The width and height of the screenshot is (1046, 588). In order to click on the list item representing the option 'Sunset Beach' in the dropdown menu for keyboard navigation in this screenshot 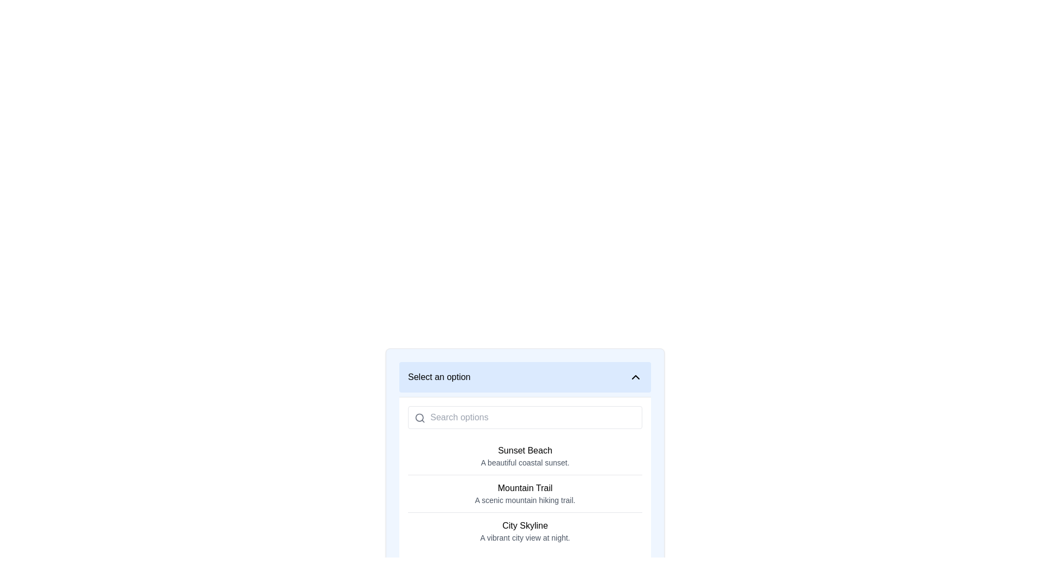, I will do `click(525, 456)`.